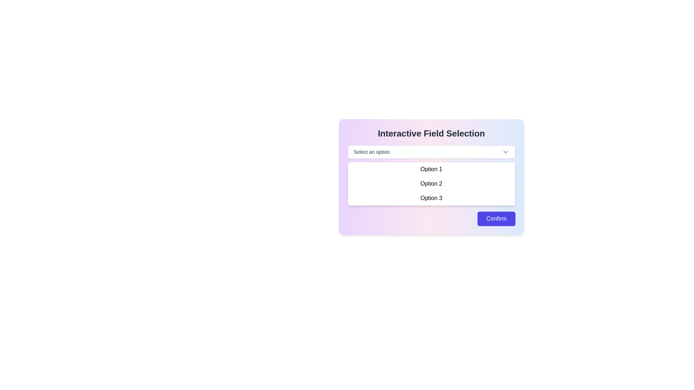  Describe the element at coordinates (496, 218) in the screenshot. I see `the 'Confirm' button with rounded corners and an indigo background` at that location.